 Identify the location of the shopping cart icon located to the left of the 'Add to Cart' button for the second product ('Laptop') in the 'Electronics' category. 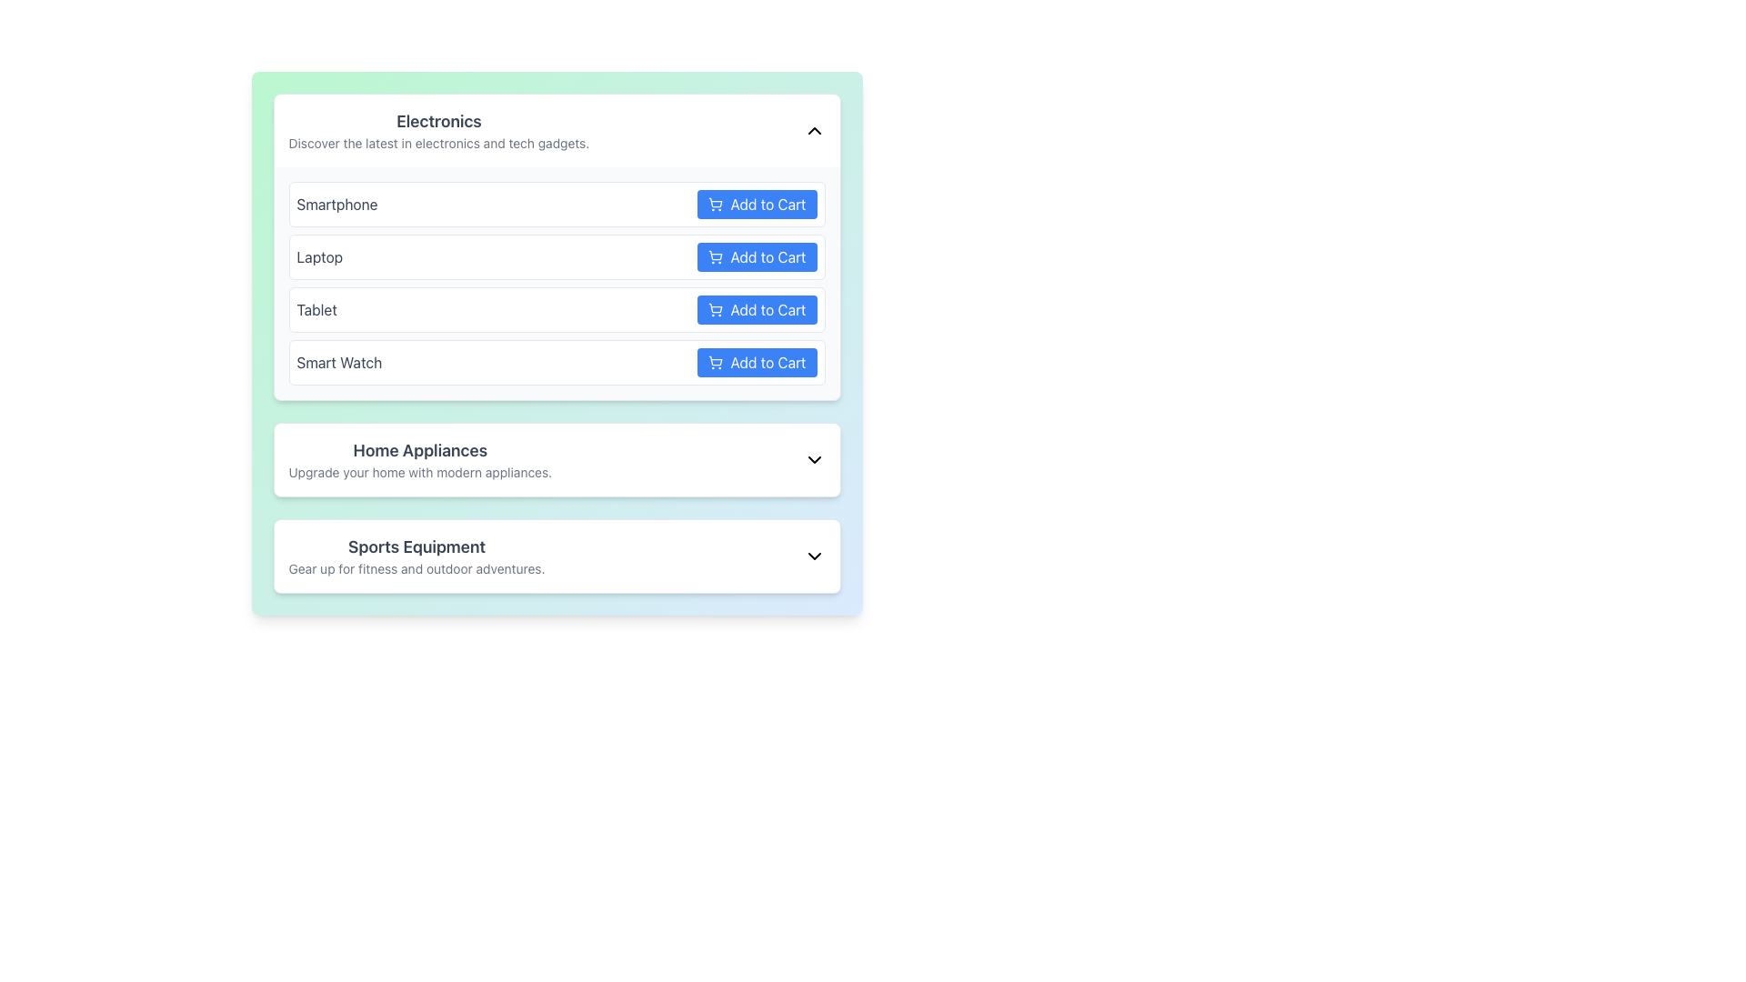
(715, 256).